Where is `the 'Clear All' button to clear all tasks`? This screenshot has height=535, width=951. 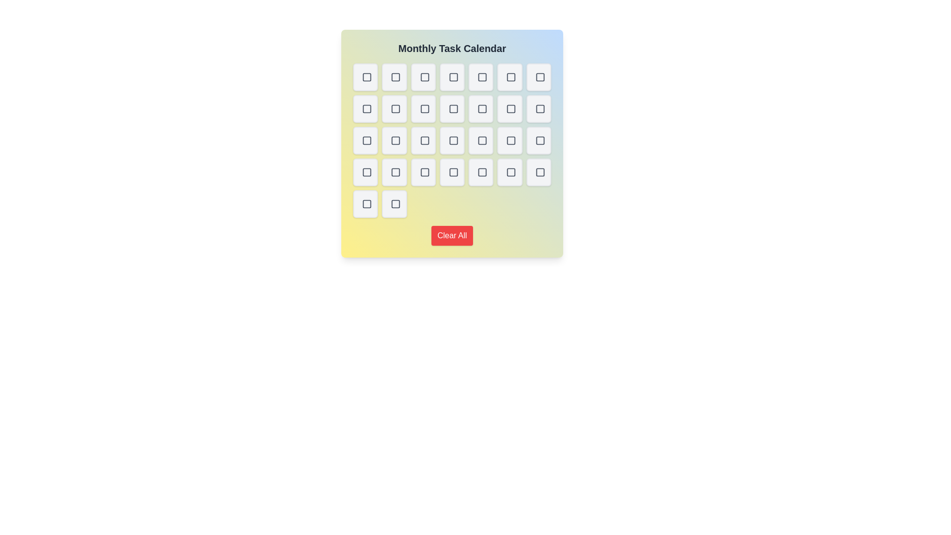
the 'Clear All' button to clear all tasks is located at coordinates (451, 235).